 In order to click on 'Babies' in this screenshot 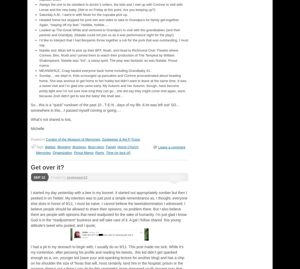, I will do `click(50, 146)`.